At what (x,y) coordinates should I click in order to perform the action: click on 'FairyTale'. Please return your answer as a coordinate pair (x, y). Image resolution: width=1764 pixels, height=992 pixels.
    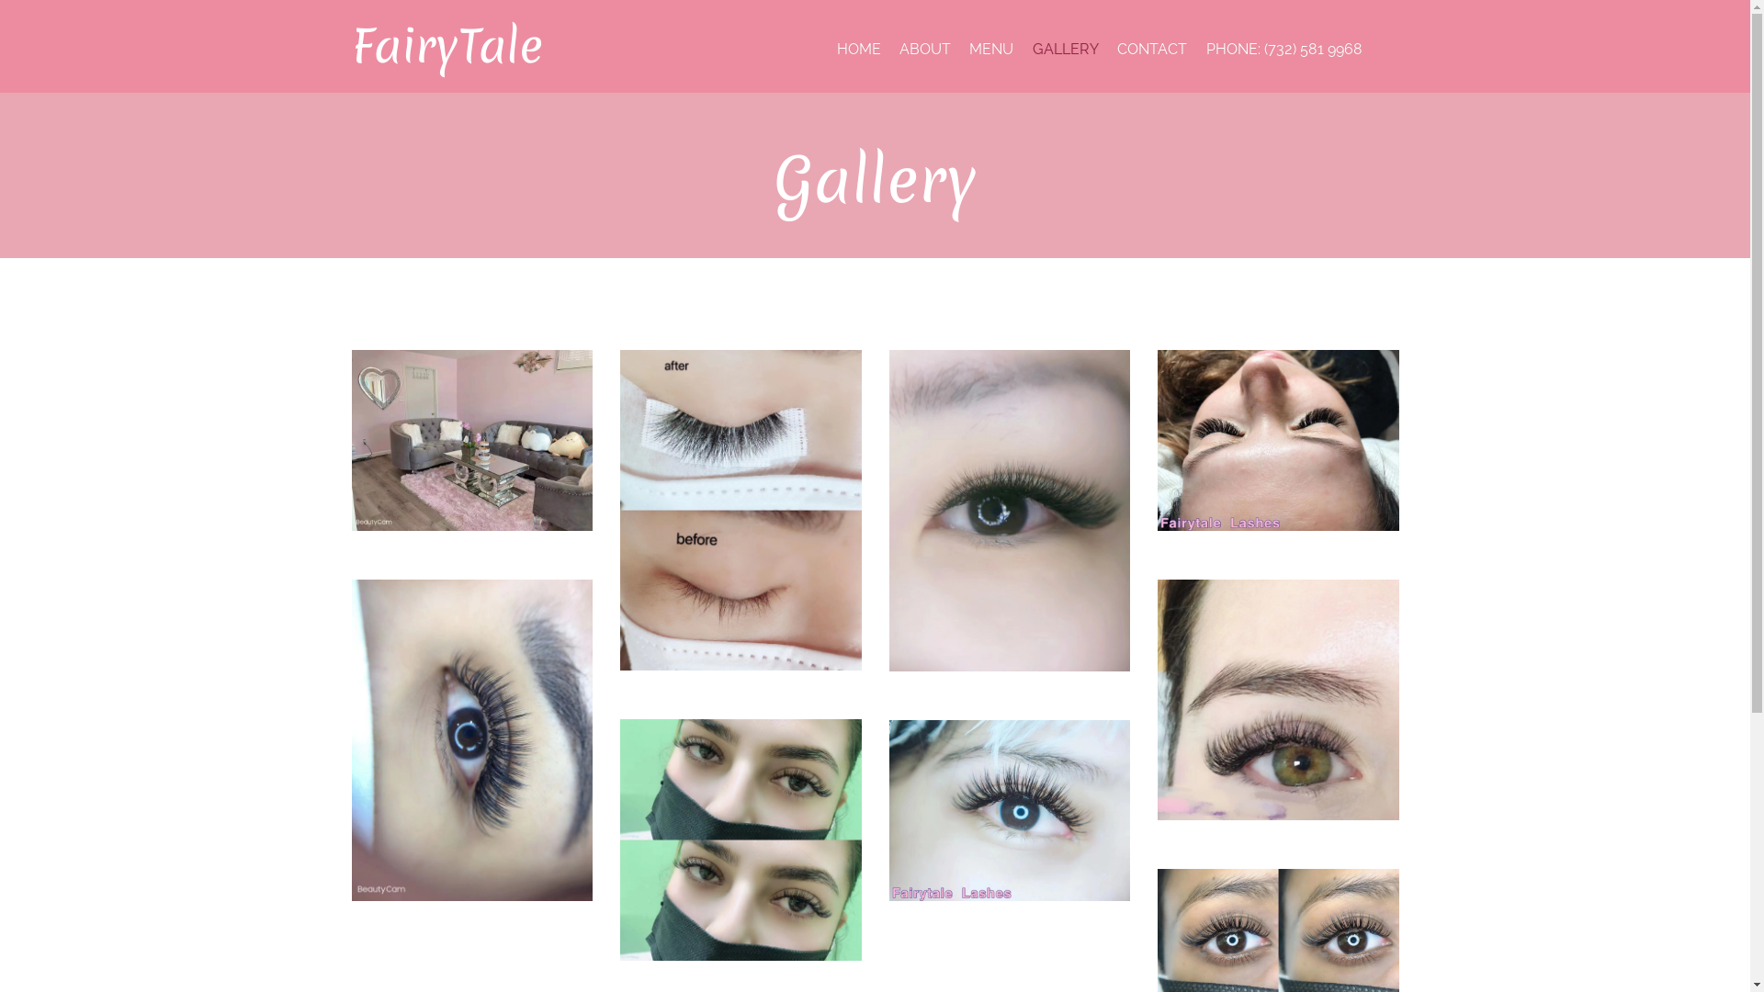
    Looking at the image, I should click on (446, 45).